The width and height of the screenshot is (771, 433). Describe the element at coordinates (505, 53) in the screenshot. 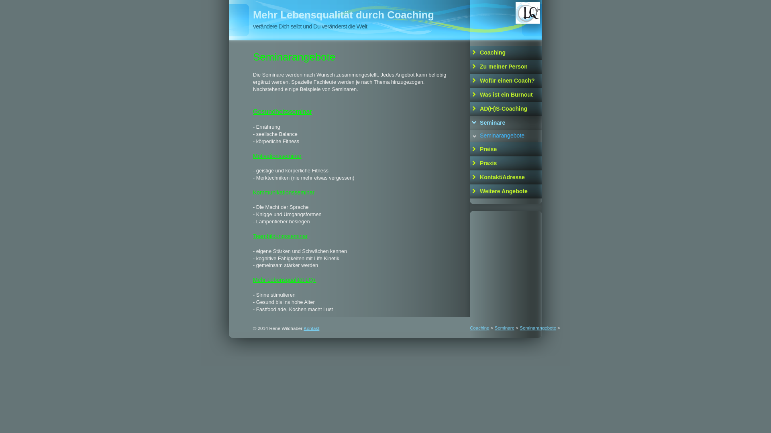

I see `'Coaching'` at that location.